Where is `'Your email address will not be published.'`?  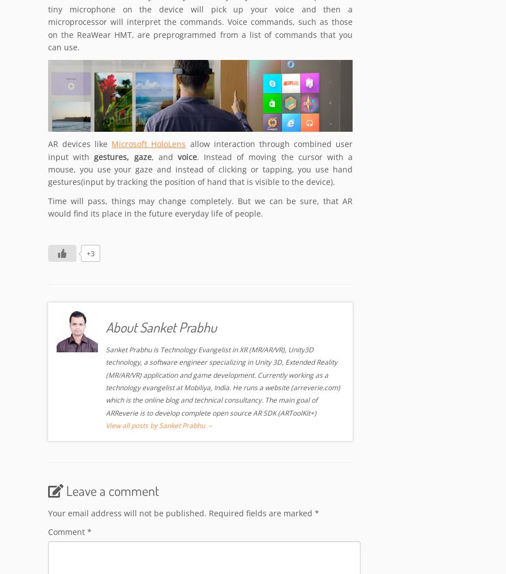 'Your email address will not be published.' is located at coordinates (127, 513).